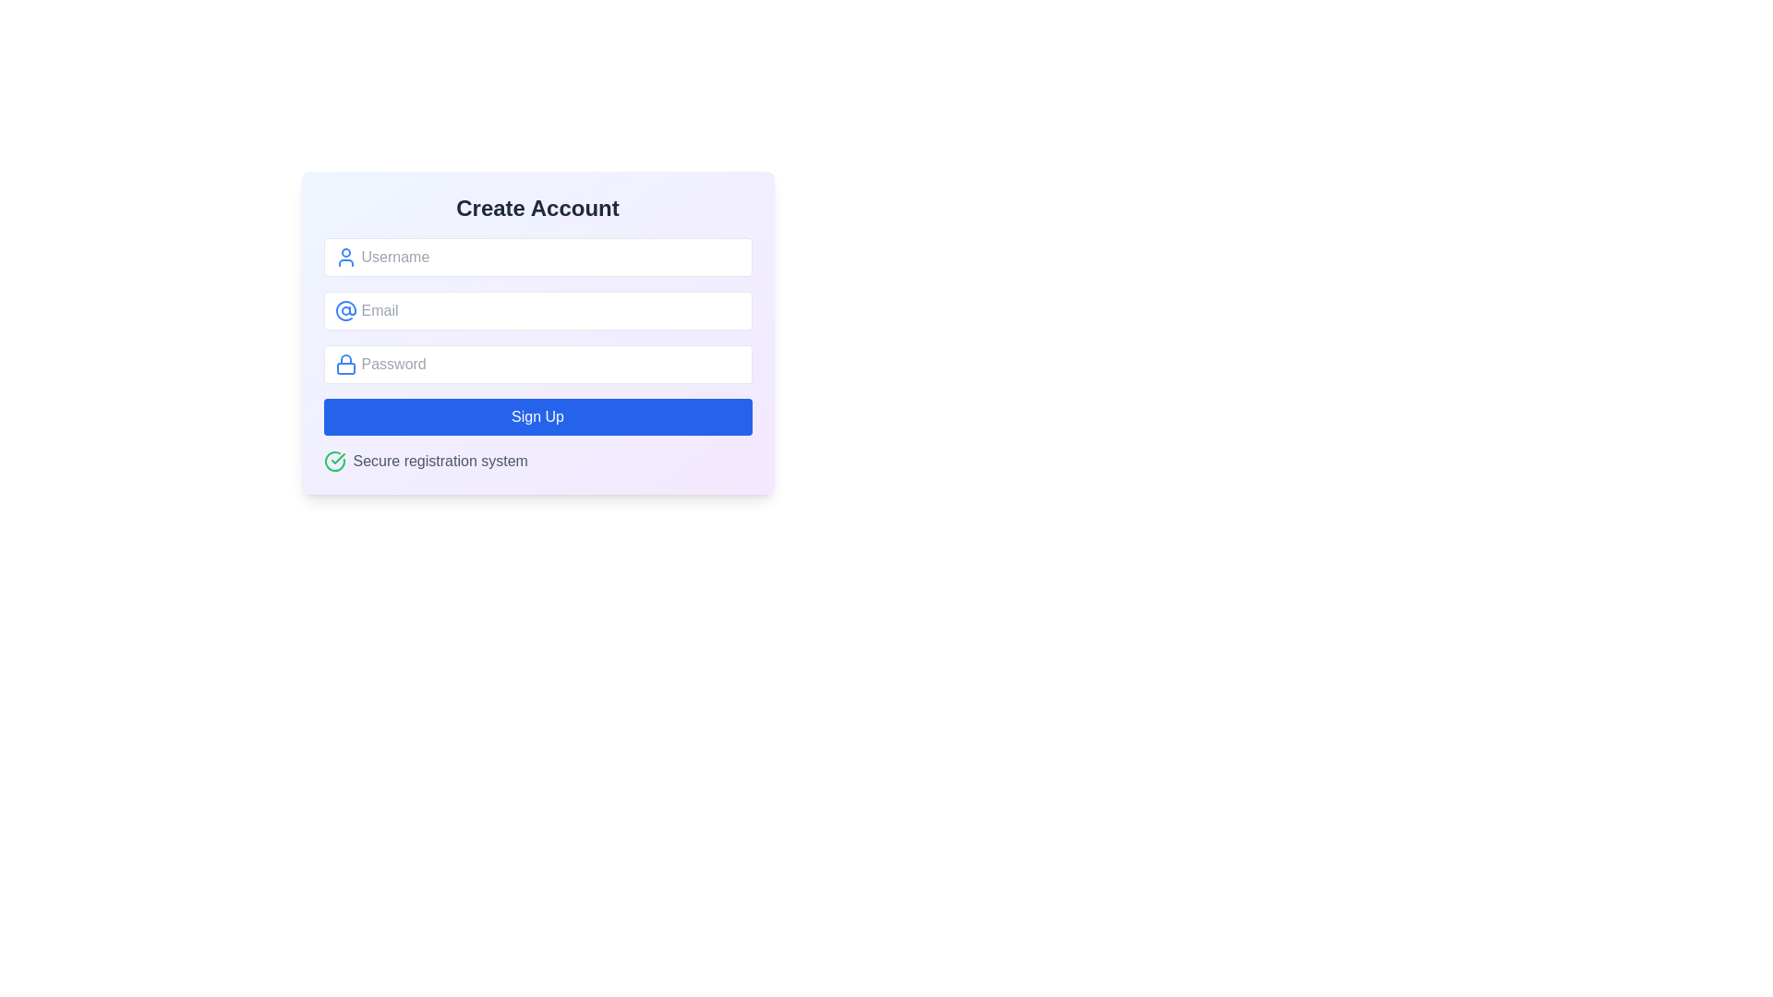 This screenshot has height=997, width=1773. I want to click on the rectangular pane with a gradient background transitioning from blue to purple, which contains input fields and a 'Sign Up' button, located centrally below the 'Create Account' title, so click(537, 333).